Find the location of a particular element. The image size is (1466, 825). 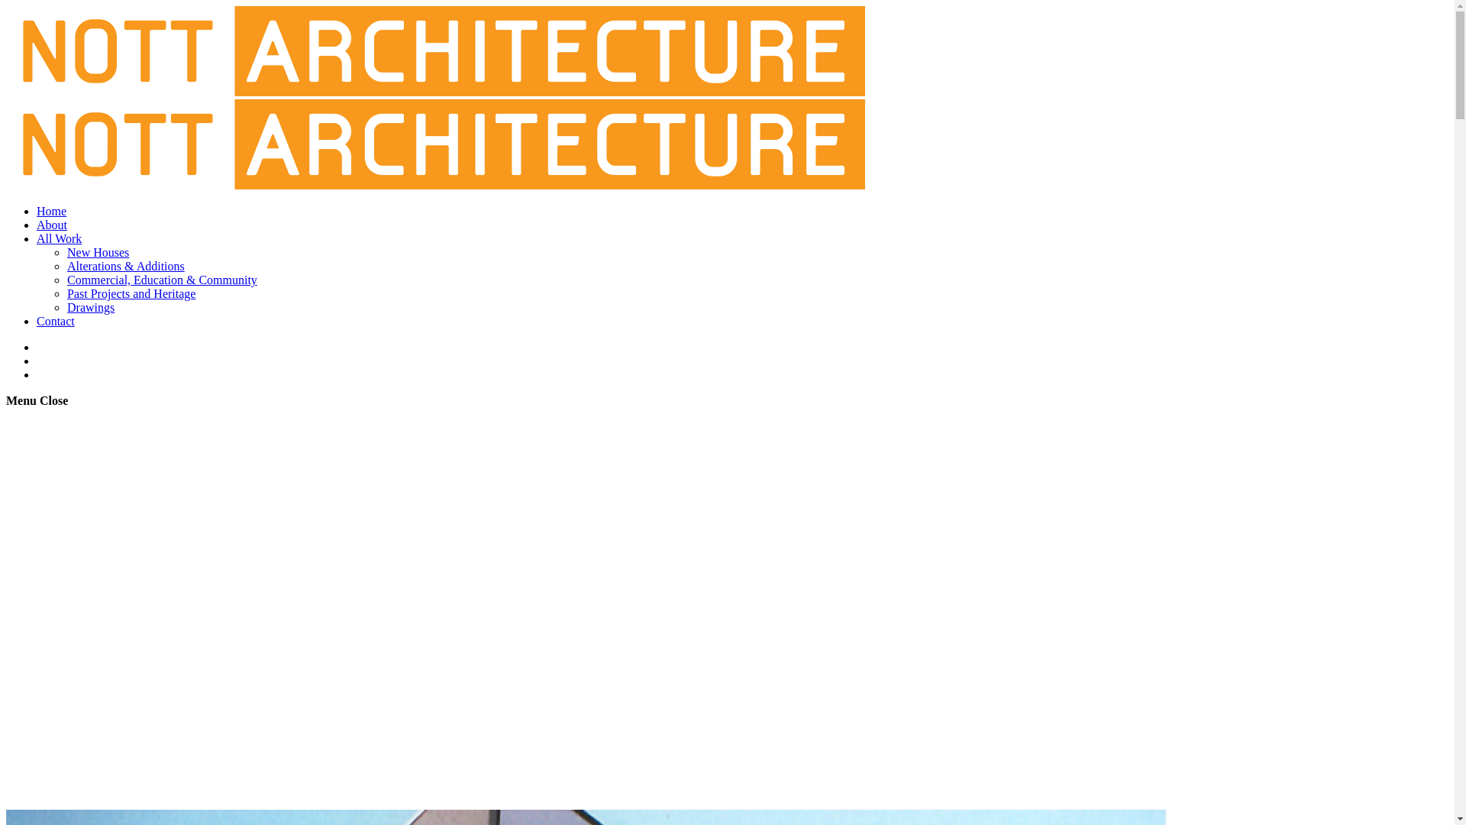

'Home' is located at coordinates (51, 211).